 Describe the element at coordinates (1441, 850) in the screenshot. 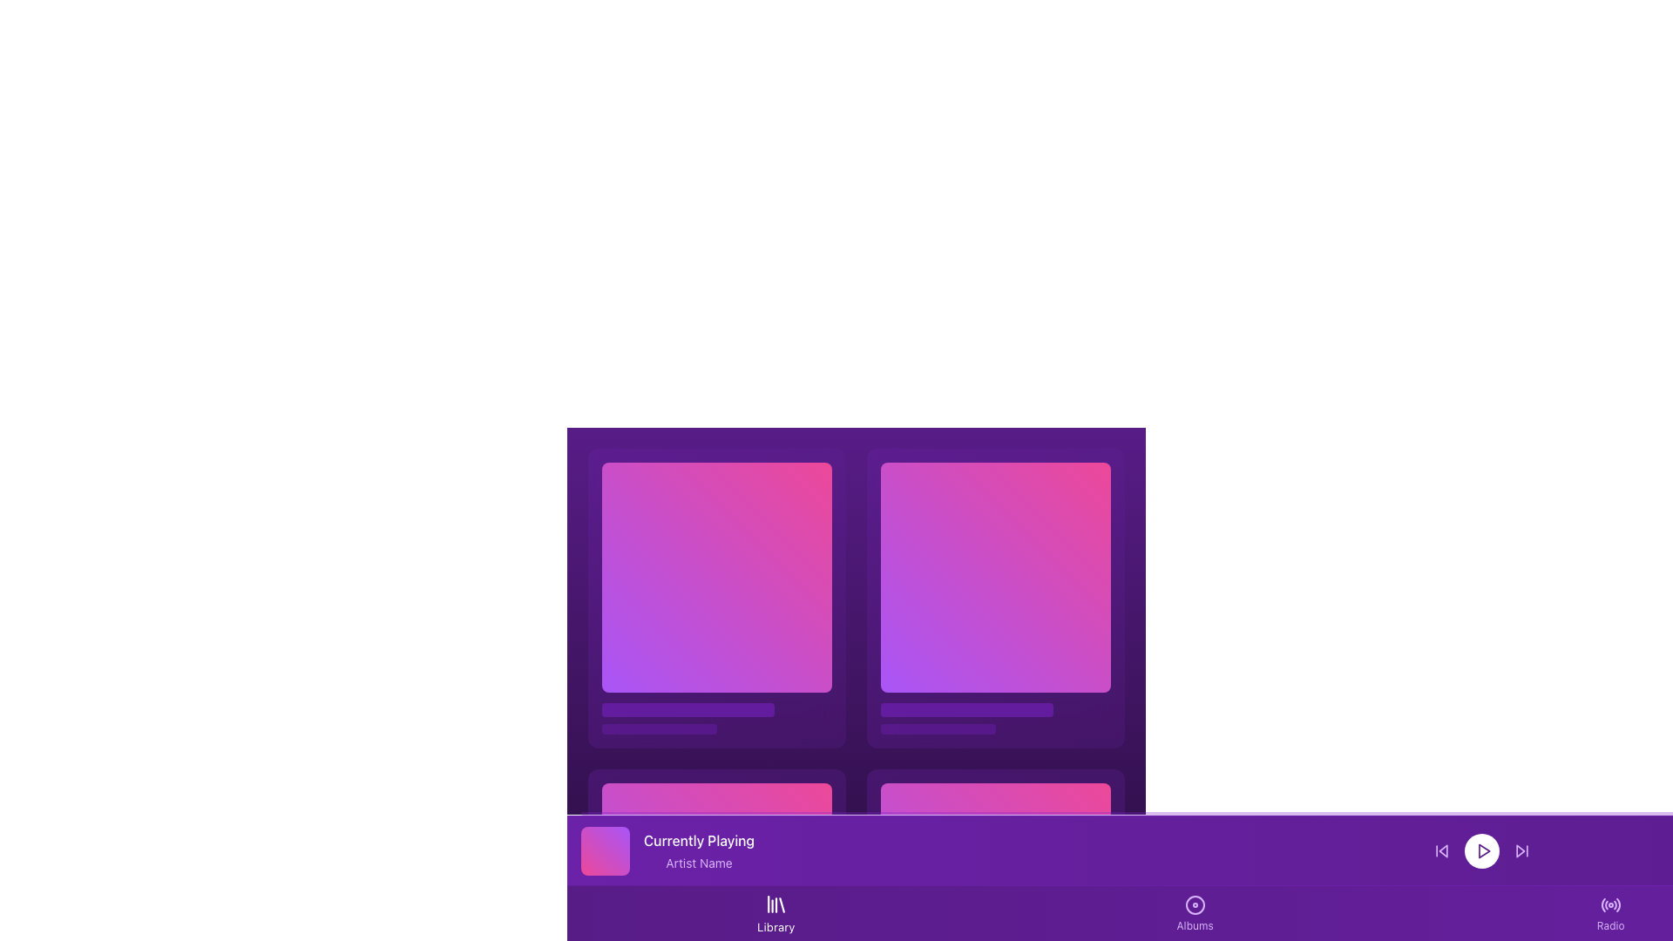

I see `the 'Skip Back' button, which is a small purple icon located to the left of the central Play icon in the horizontal control bar at the bottom of the interface` at that location.